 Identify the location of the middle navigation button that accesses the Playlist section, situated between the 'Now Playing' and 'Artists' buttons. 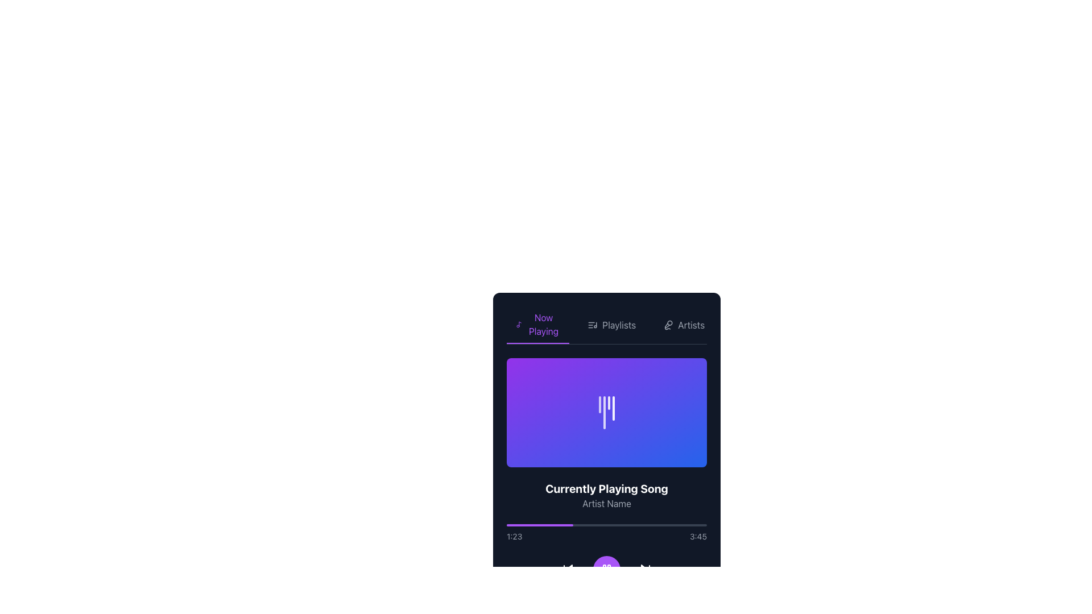
(611, 325).